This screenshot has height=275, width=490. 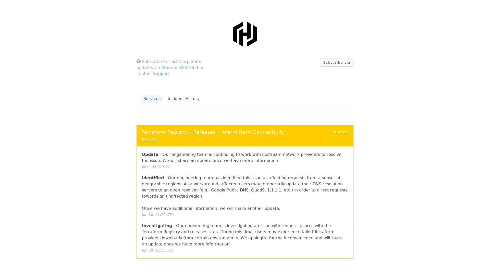 I want to click on Subscribe, so click(x=339, y=132).